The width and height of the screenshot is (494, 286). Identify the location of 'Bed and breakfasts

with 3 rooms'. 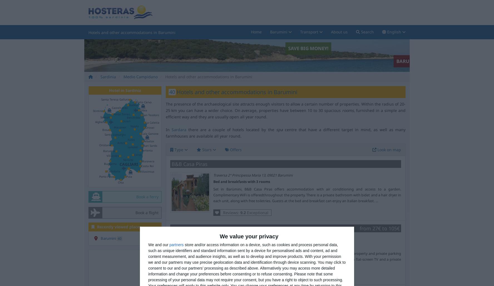
(241, 181).